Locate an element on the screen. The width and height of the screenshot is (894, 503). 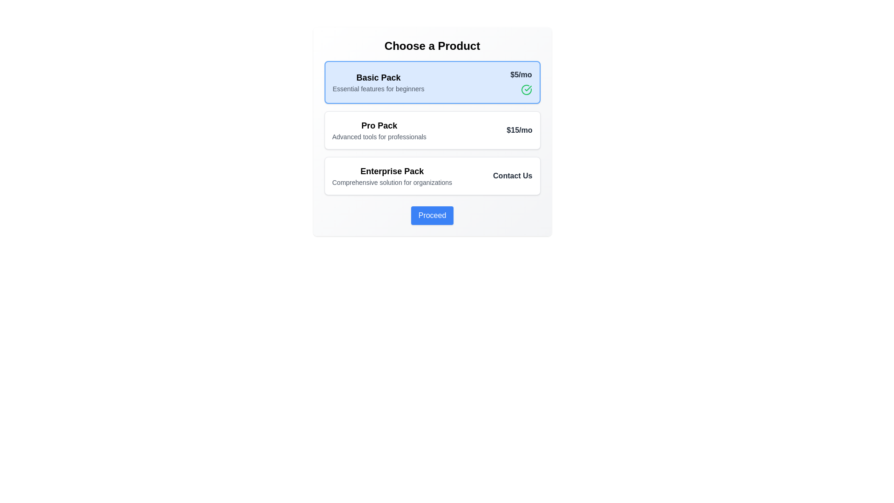
the 'Pro Pack' selectable card, the second card in the list of product choices is located at coordinates (432, 131).